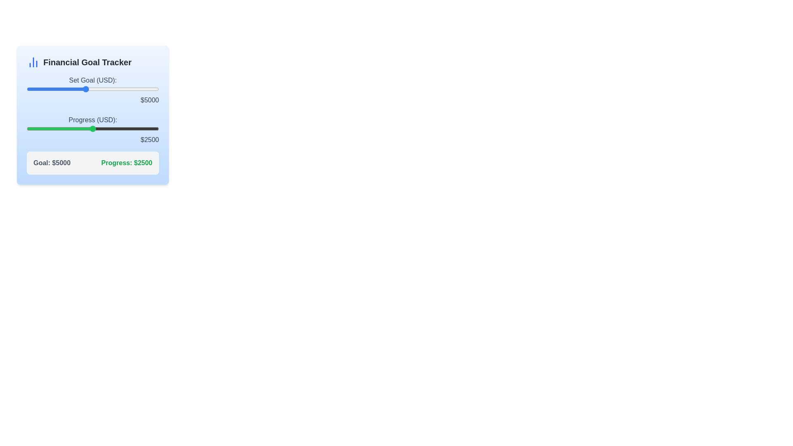 The width and height of the screenshot is (793, 446). What do you see at coordinates (43, 89) in the screenshot?
I see `the financial goal slider to 2126 USD` at bounding box center [43, 89].